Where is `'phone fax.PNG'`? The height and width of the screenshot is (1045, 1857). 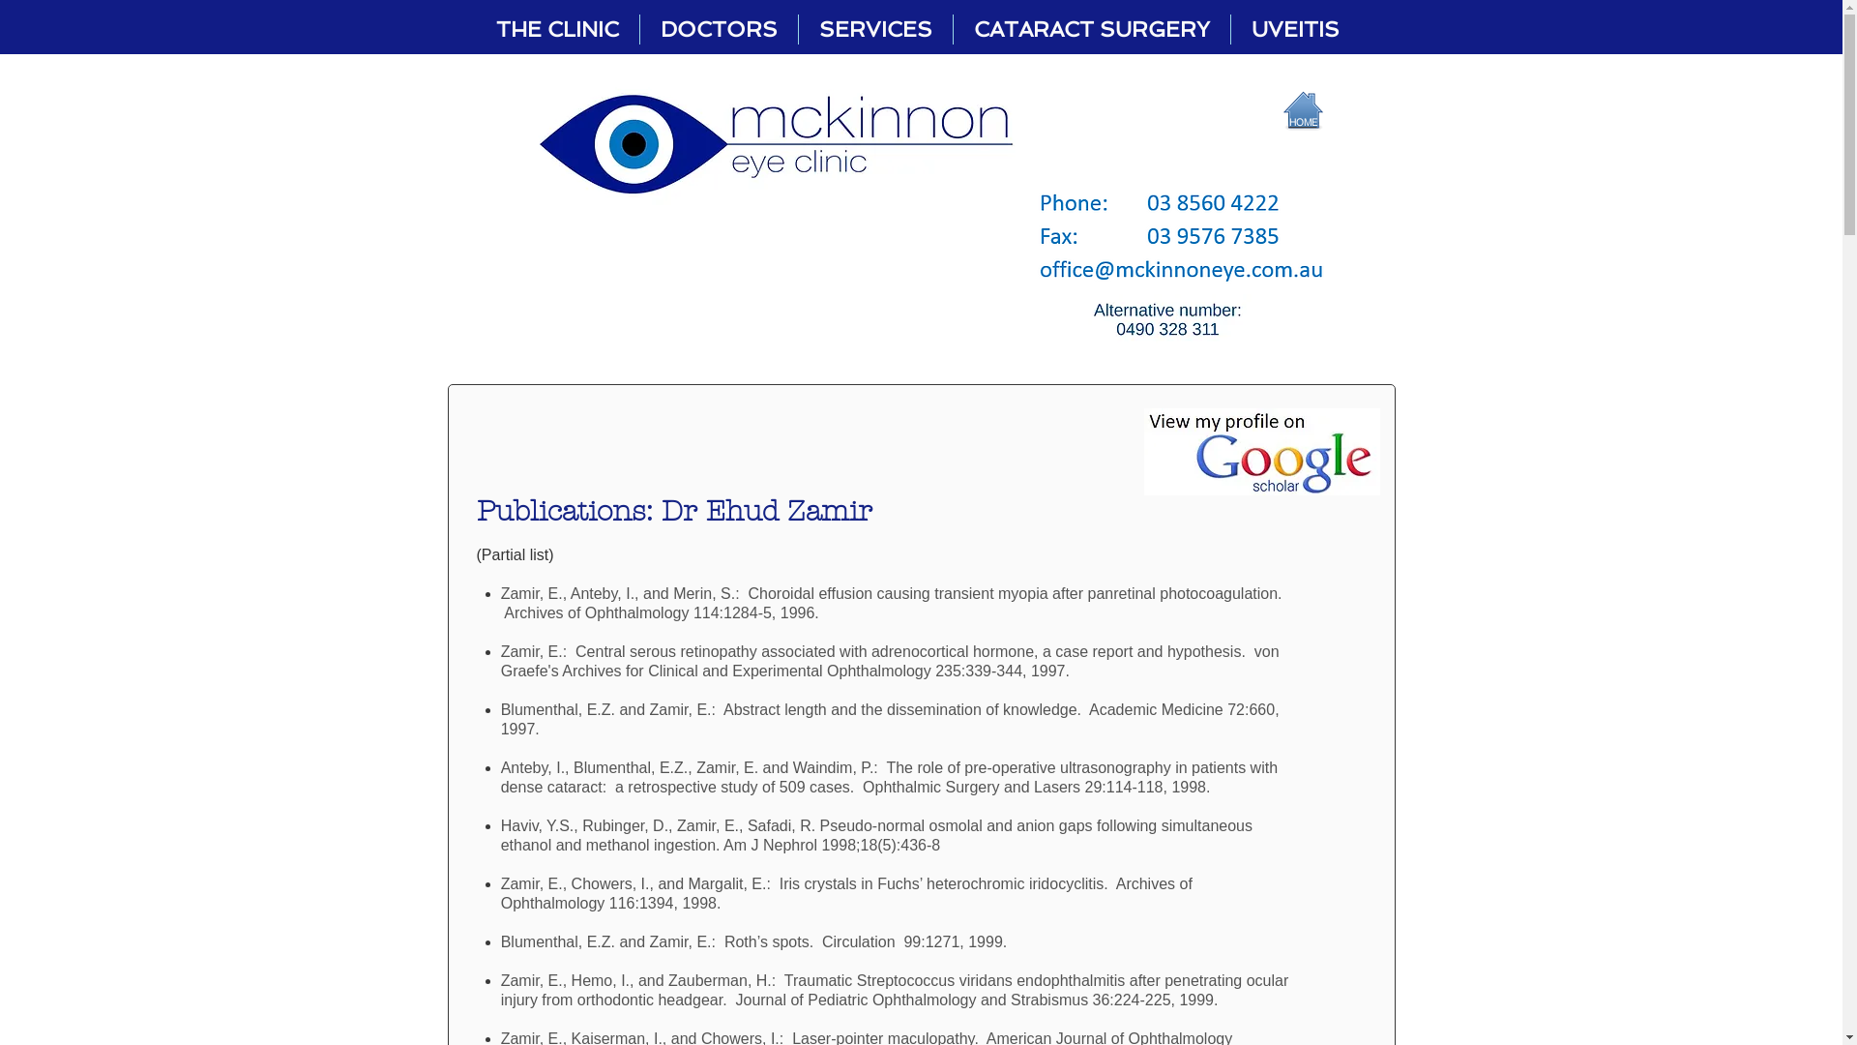
'phone fax.PNG' is located at coordinates (1181, 237).